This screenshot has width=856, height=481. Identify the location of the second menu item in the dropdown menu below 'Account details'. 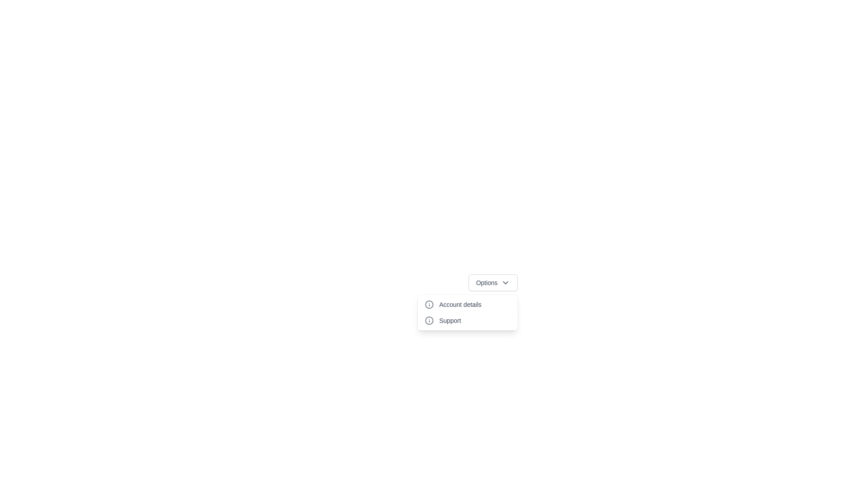
(467, 321).